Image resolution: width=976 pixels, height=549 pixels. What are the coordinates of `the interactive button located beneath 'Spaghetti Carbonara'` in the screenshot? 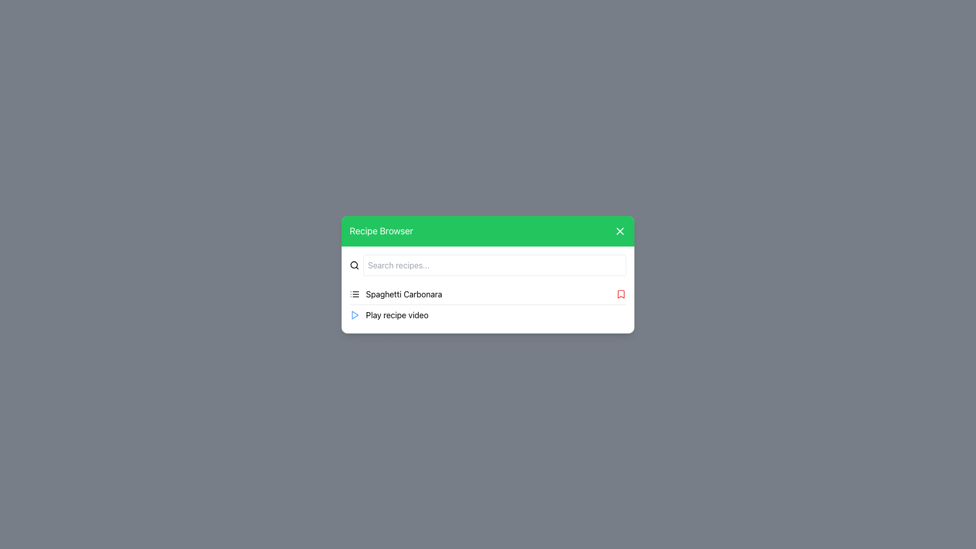 It's located at (488, 314).